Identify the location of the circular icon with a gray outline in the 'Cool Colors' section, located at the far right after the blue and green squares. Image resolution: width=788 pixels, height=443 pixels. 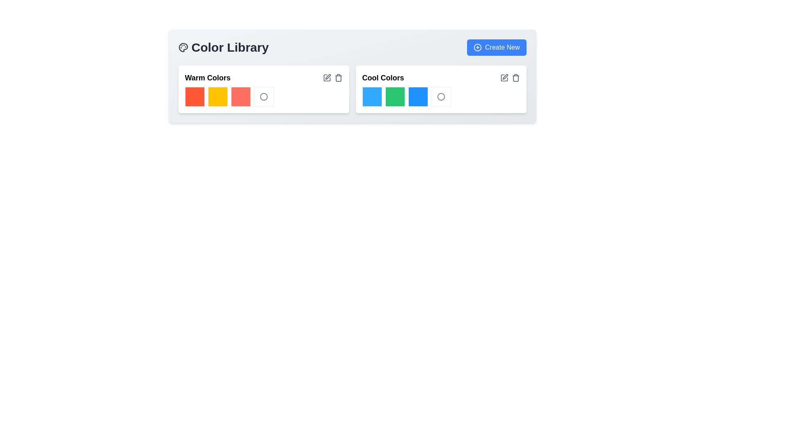
(440, 96).